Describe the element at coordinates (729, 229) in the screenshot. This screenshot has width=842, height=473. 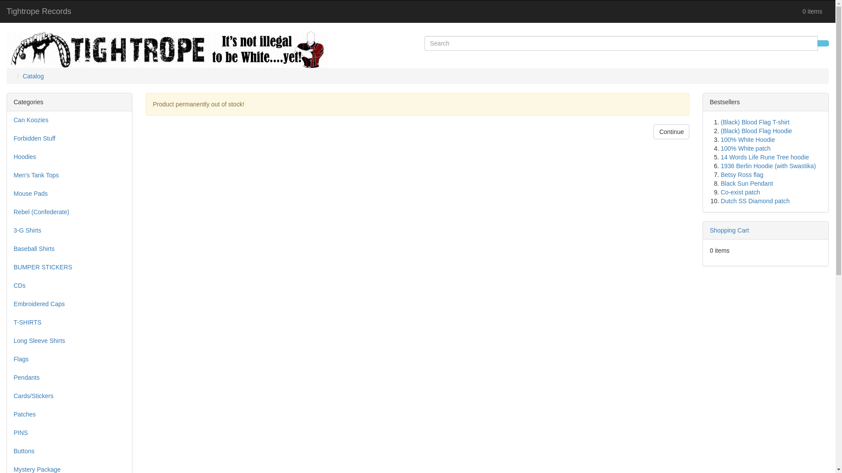
I see `'Shopping Cart'` at that location.